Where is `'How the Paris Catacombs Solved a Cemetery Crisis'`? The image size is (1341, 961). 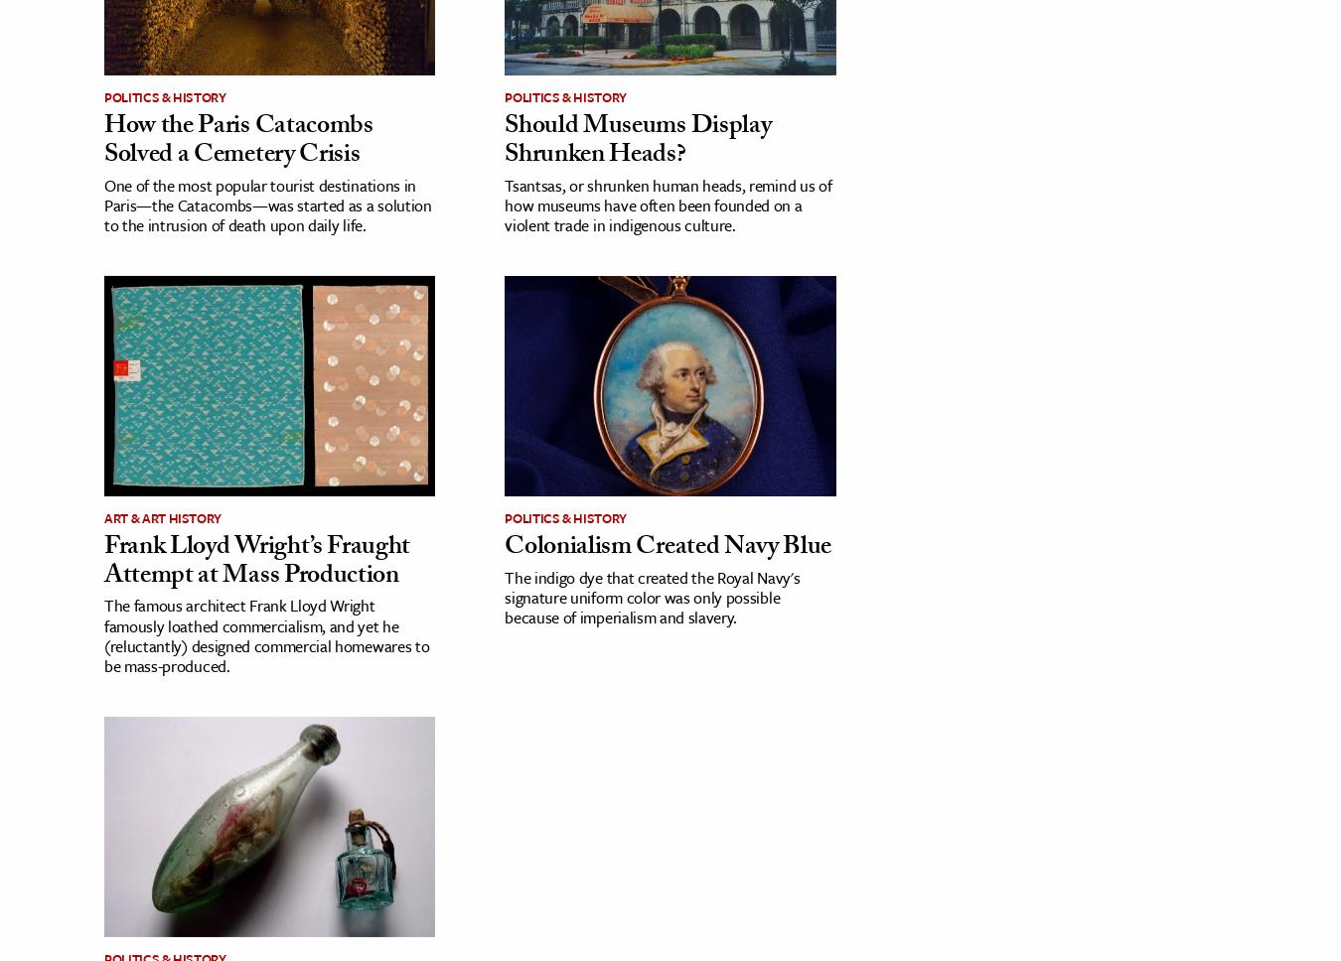 'How the Paris Catacombs Solved a Cemetery Crisis' is located at coordinates (237, 140).